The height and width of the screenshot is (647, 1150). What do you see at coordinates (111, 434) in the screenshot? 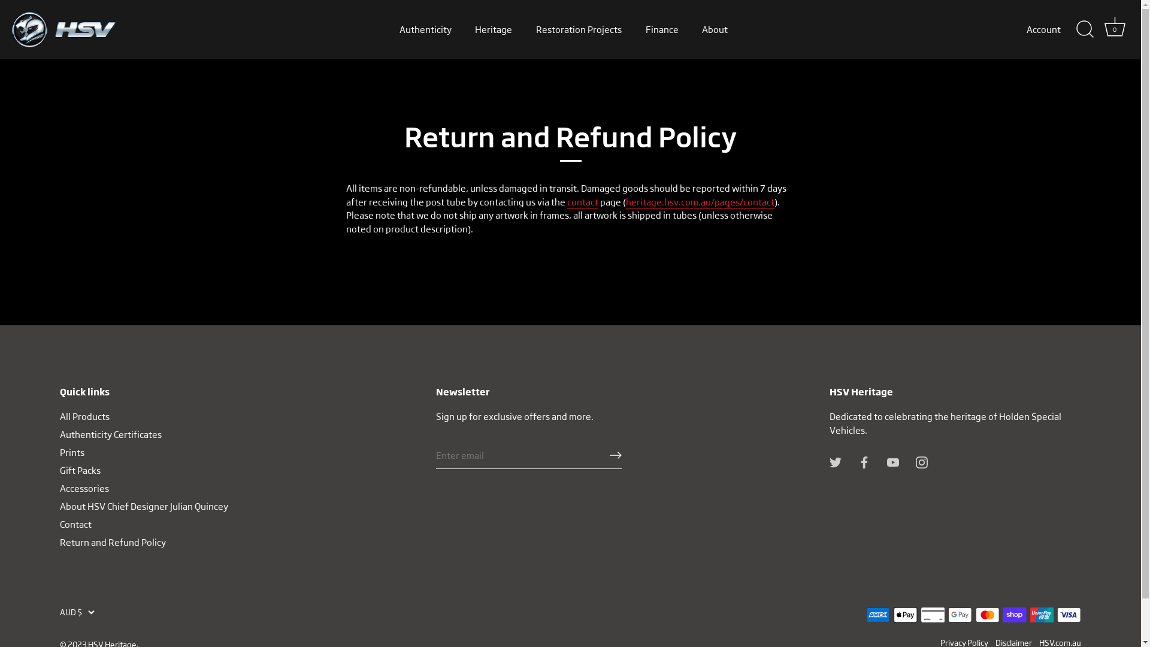
I see `'Authenticity Certificates'` at bounding box center [111, 434].